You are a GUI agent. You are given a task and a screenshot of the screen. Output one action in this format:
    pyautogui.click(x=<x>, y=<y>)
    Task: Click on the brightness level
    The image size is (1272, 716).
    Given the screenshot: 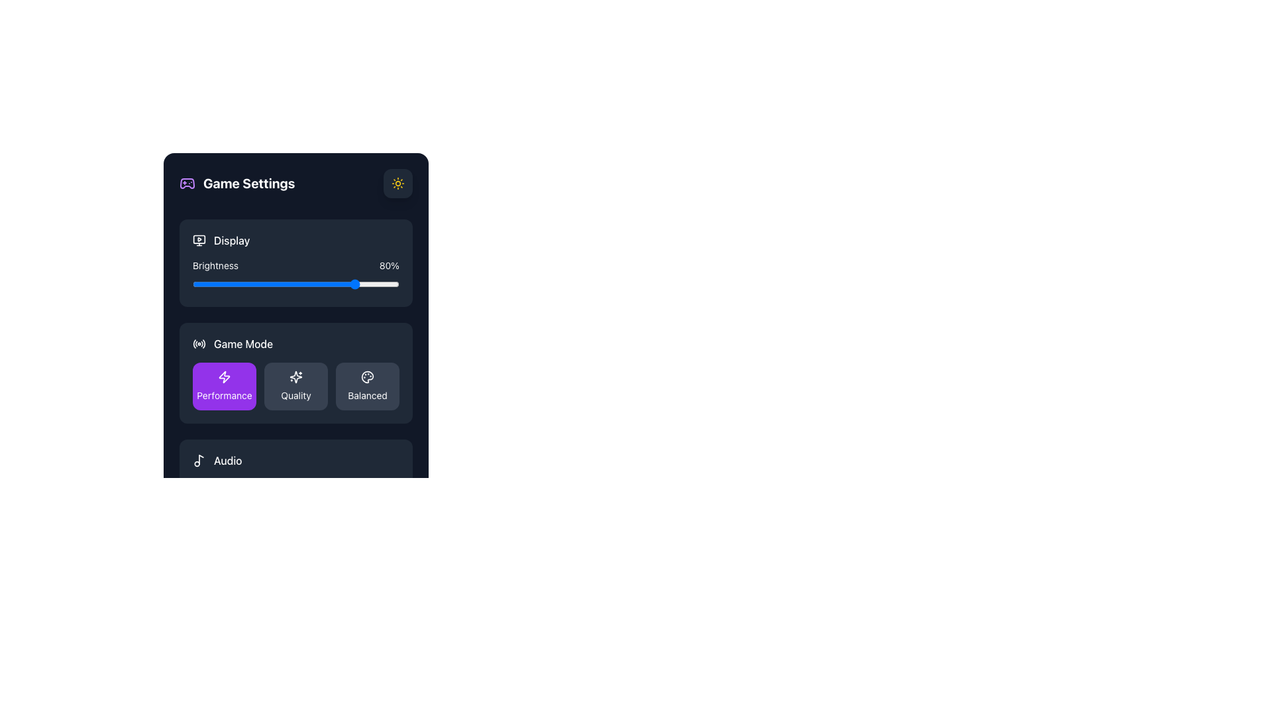 What is the action you would take?
    pyautogui.click(x=376, y=283)
    